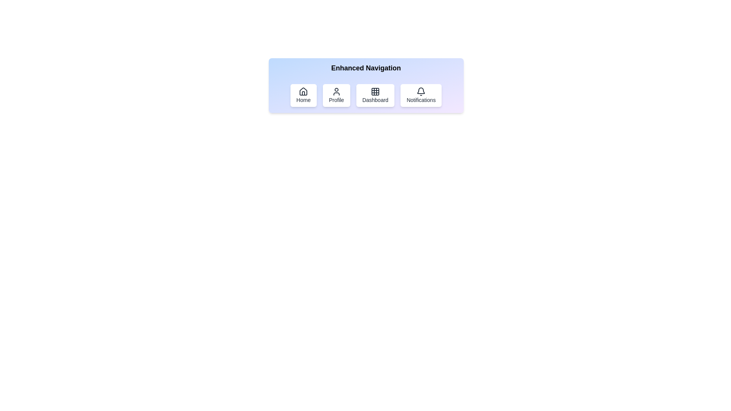 The height and width of the screenshot is (411, 731). Describe the element at coordinates (375, 91) in the screenshot. I see `the grid icon representing the 'Dashboard' button, which is the third button from the left, located below the 'Enhanced Navigation' header` at that location.